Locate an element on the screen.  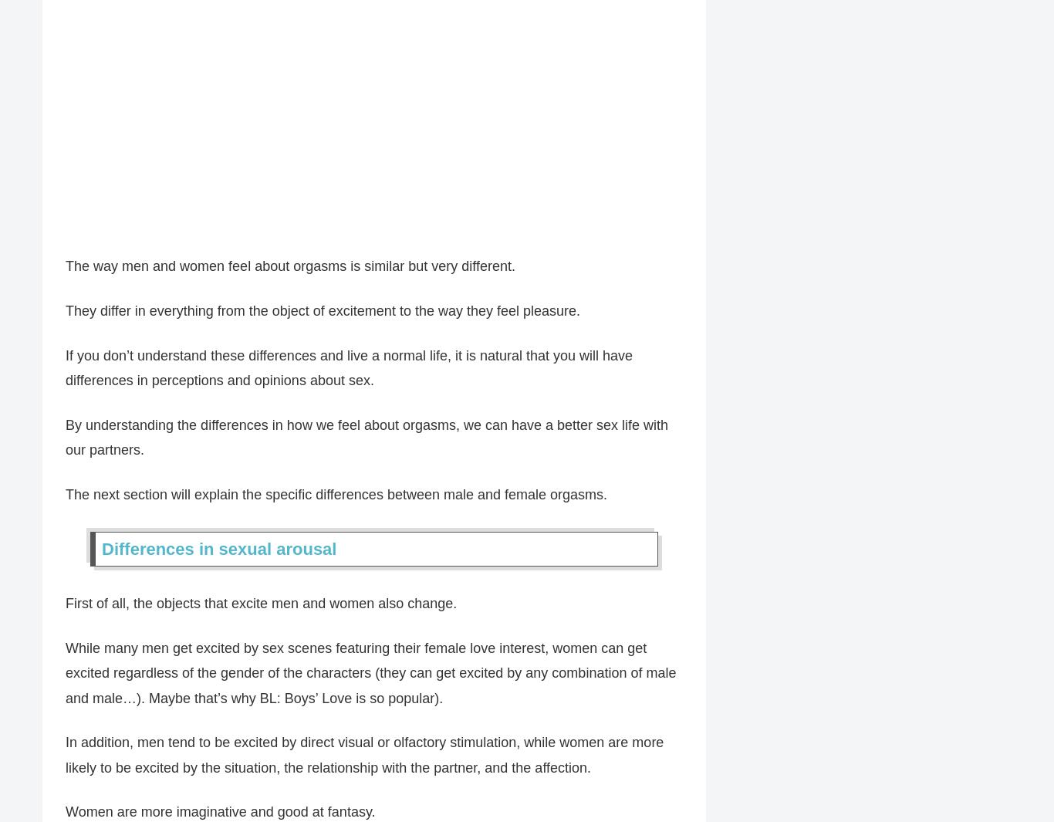
'While many men get excited by sex scenes featuring their female love interest, women can get excited regardless of the gender of the characters (they can get excited by any combination of male and male…). Maybe that’s why BL: Boys’ Love is so popular).' is located at coordinates (65, 673).